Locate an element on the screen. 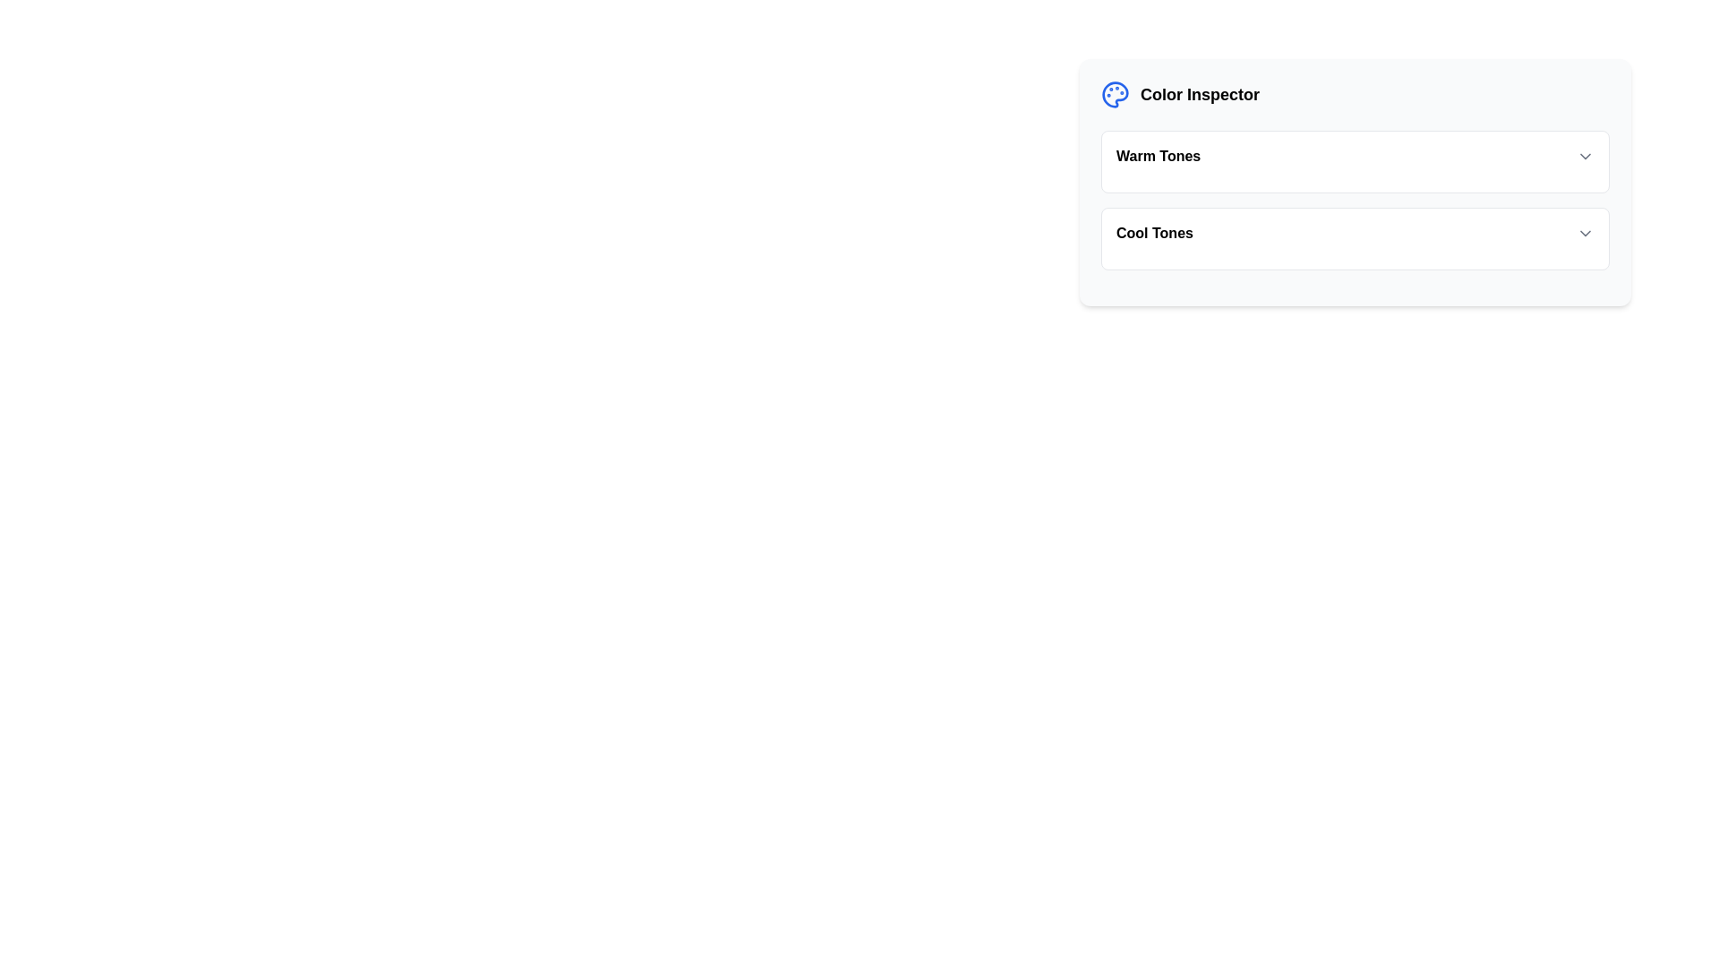  the 'Warm Tones' dropdown menu to enable keyboard interaction is located at coordinates (1355, 162).